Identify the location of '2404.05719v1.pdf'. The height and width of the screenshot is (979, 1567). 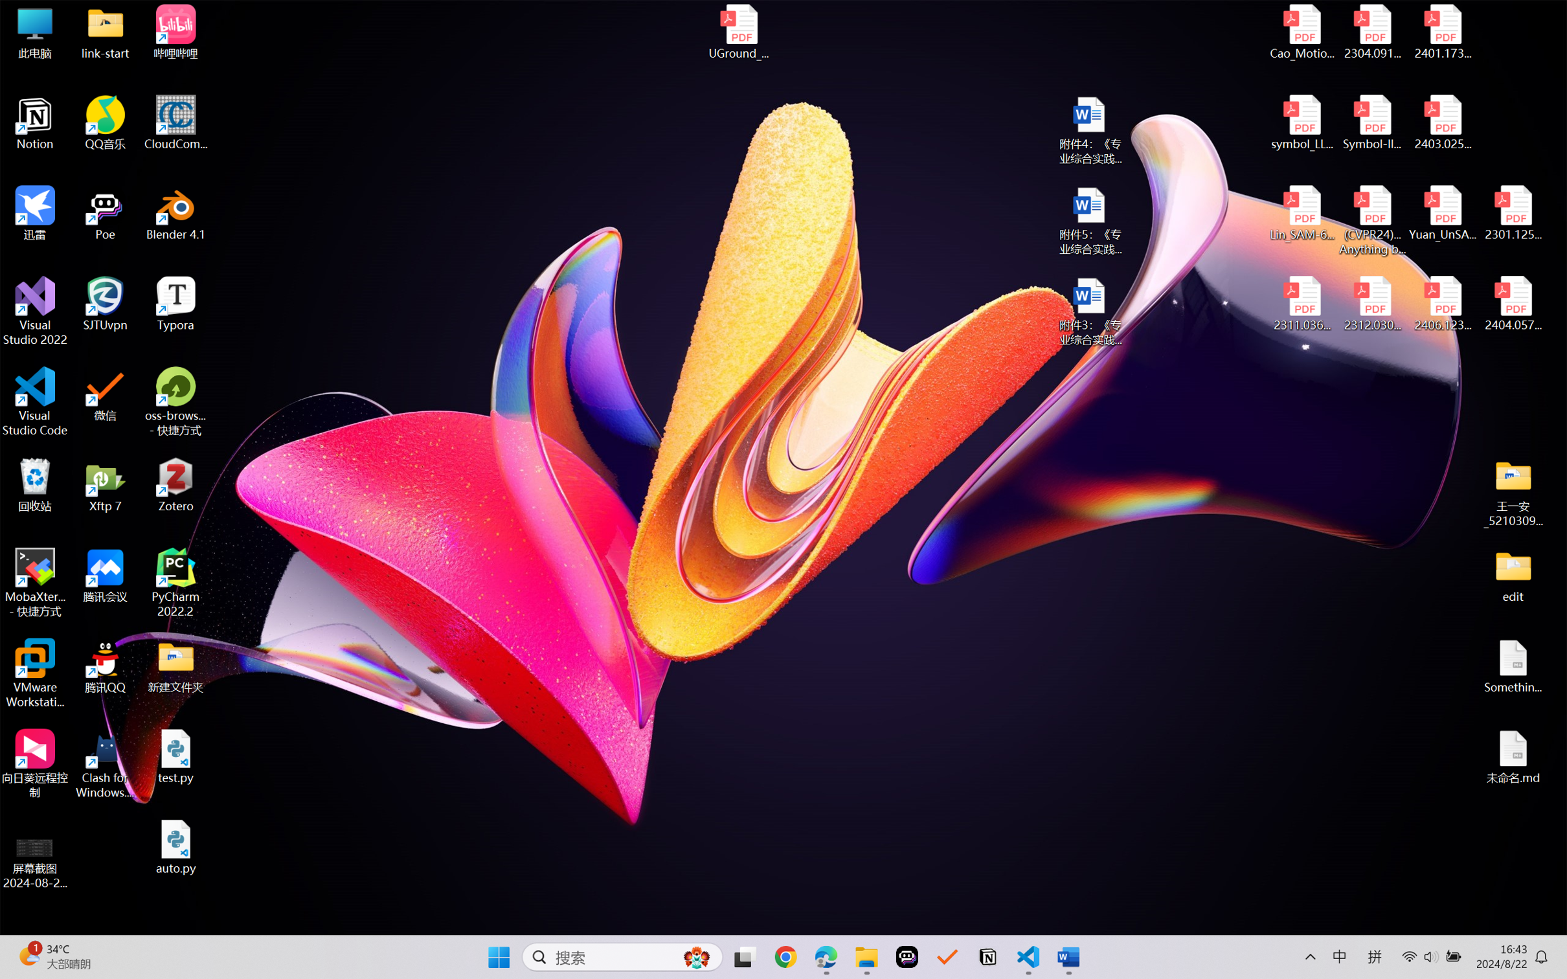
(1512, 304).